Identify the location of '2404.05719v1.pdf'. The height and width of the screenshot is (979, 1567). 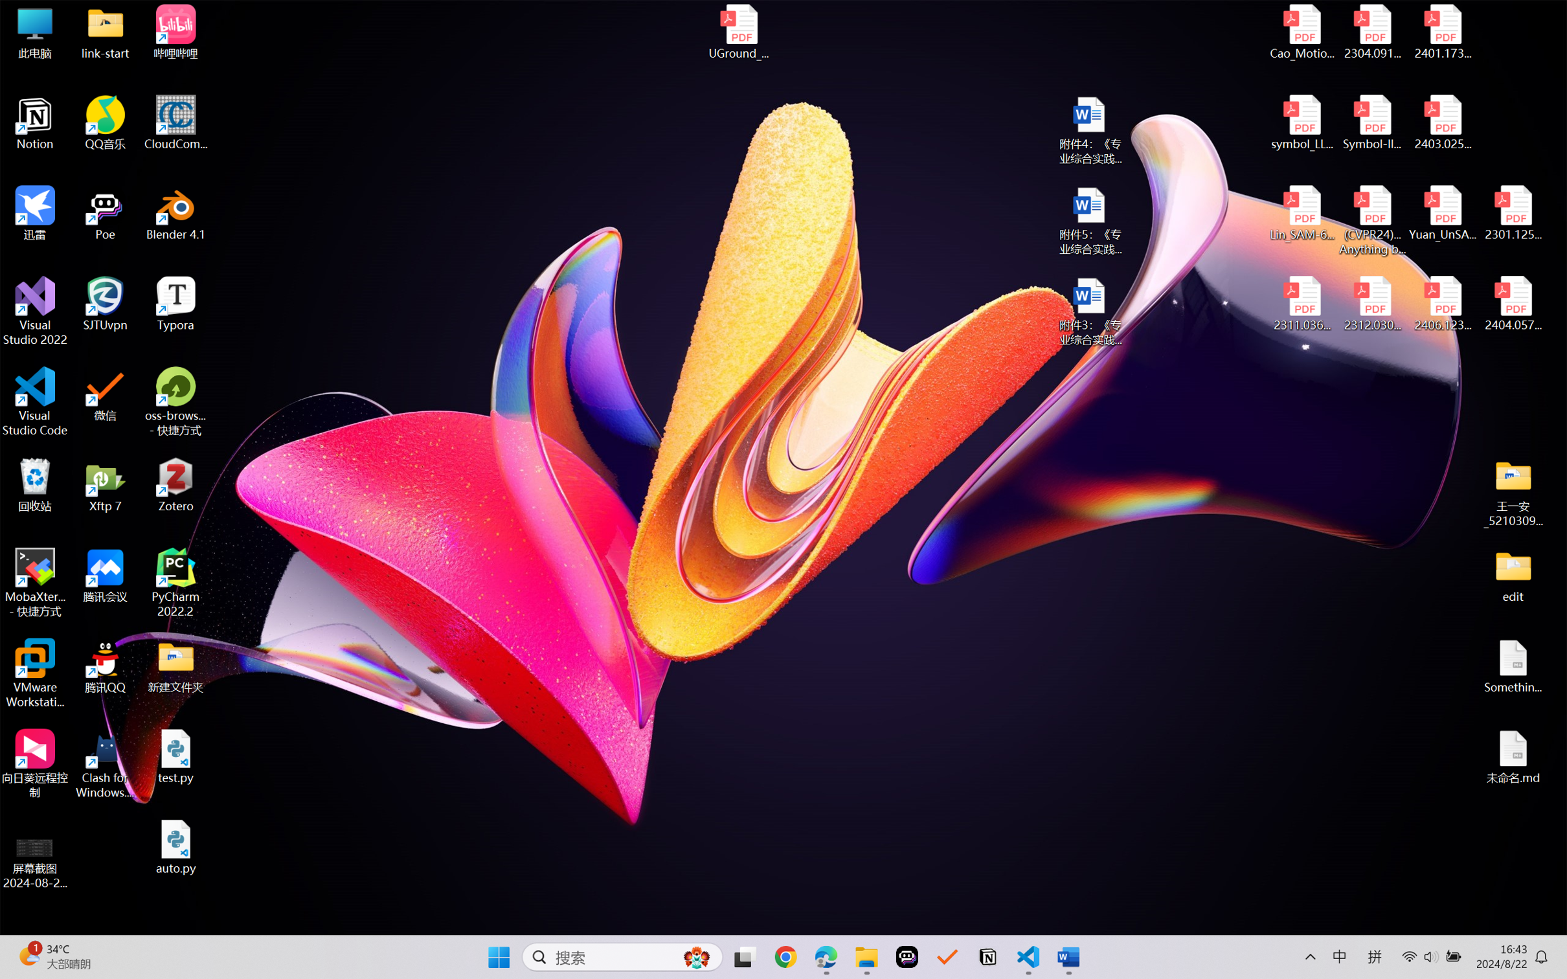
(1512, 304).